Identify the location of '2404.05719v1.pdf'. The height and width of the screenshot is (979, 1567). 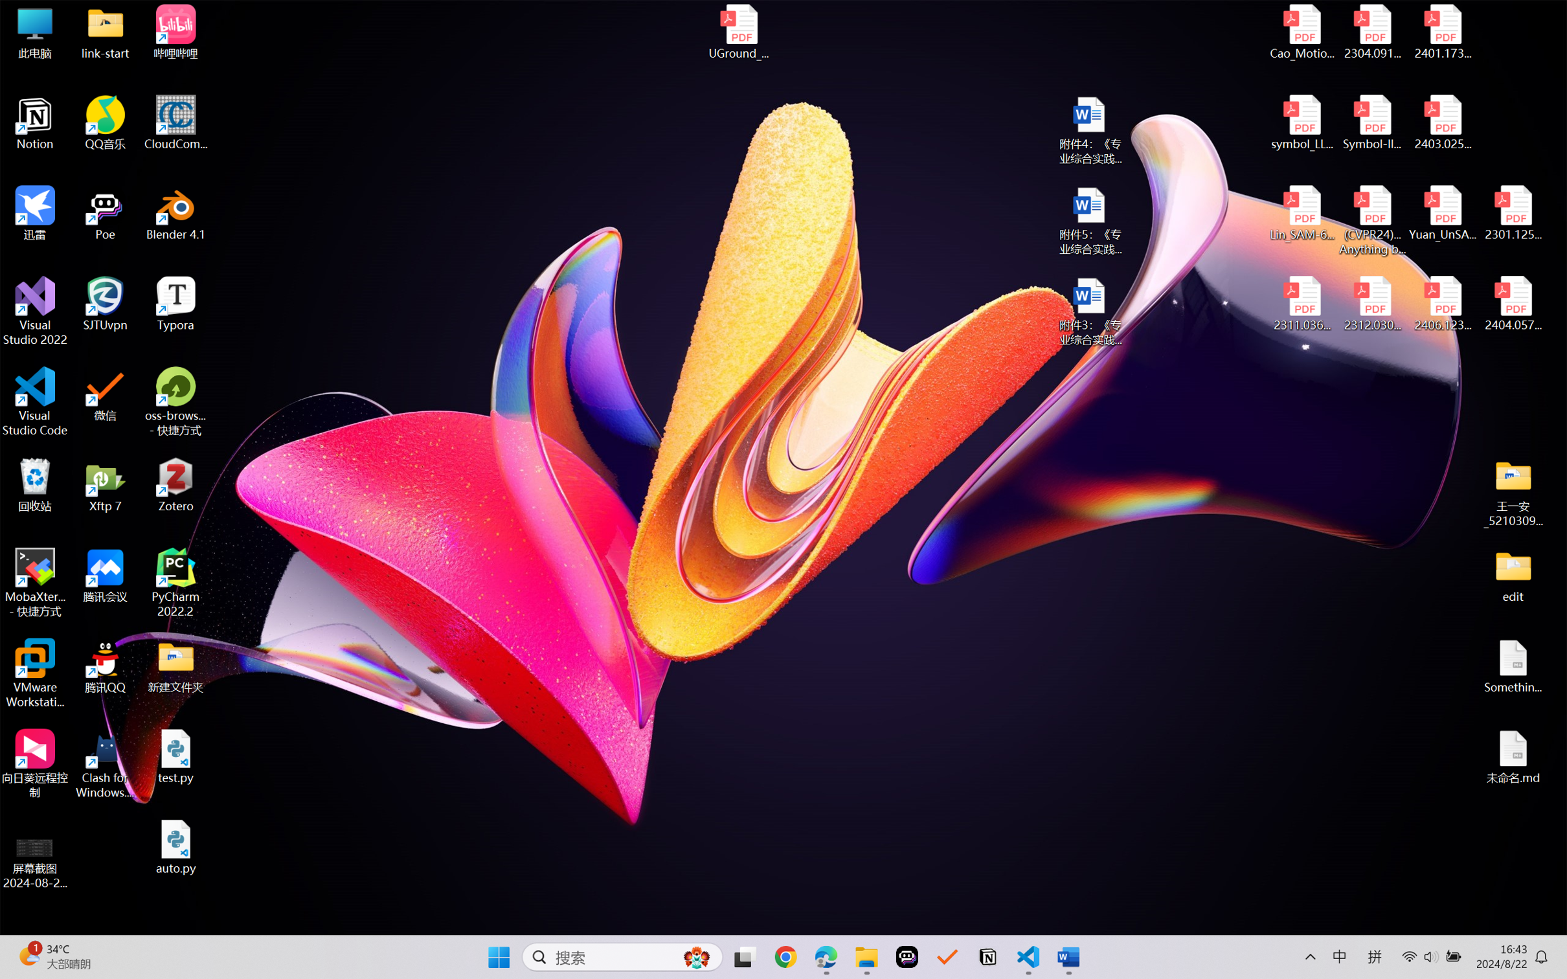
(1512, 304).